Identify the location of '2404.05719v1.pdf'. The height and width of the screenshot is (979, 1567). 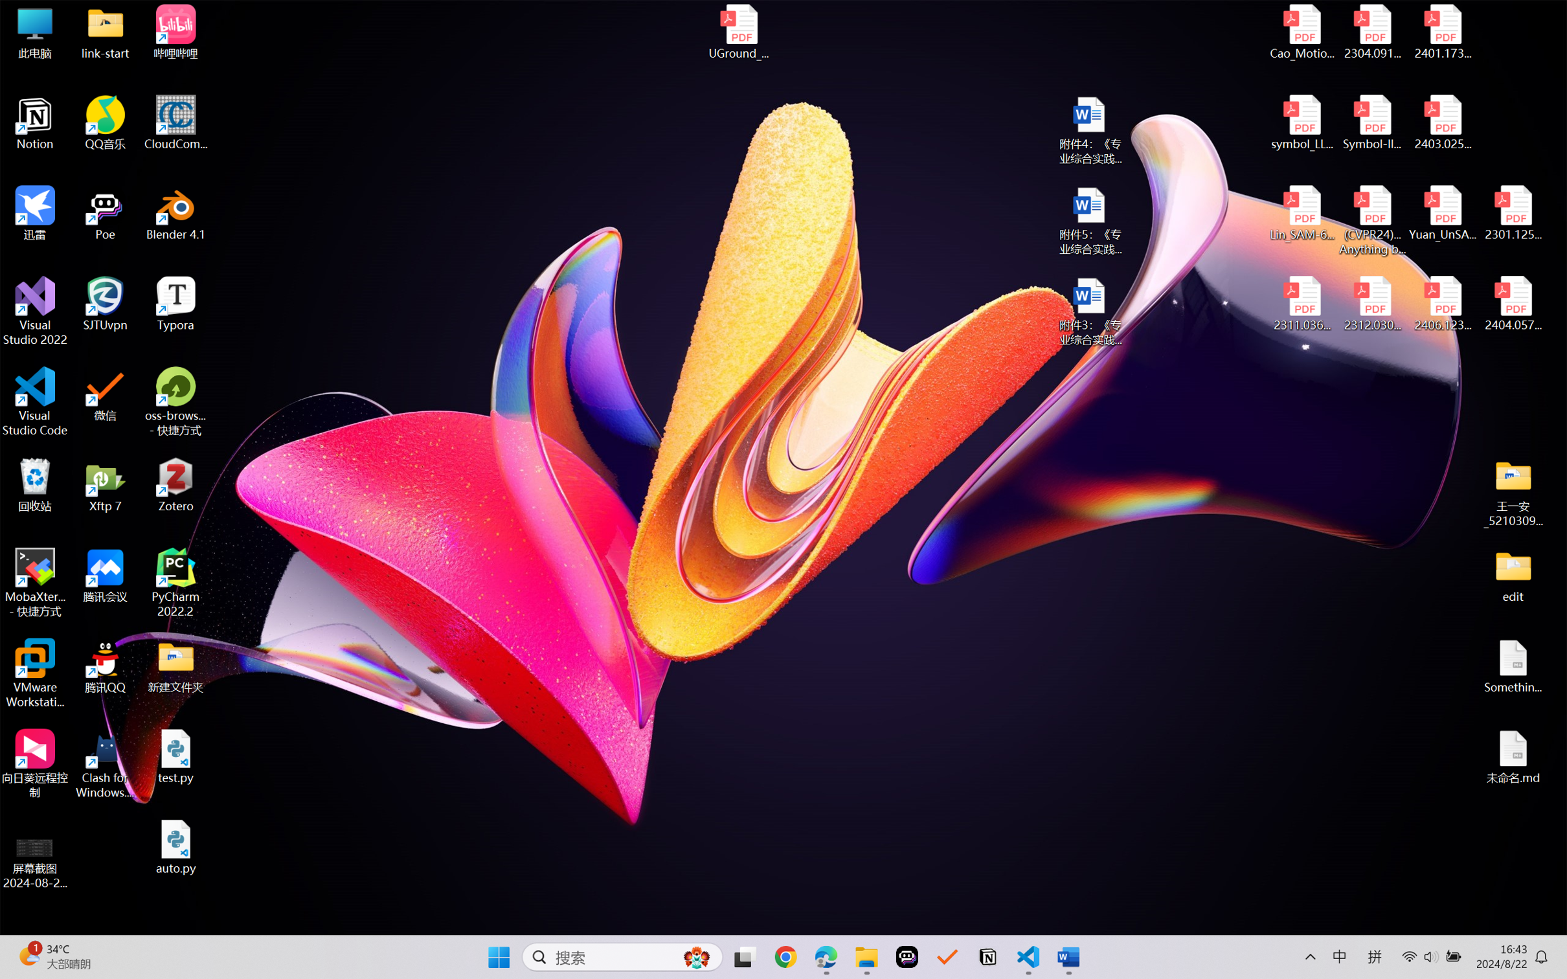
(1512, 304).